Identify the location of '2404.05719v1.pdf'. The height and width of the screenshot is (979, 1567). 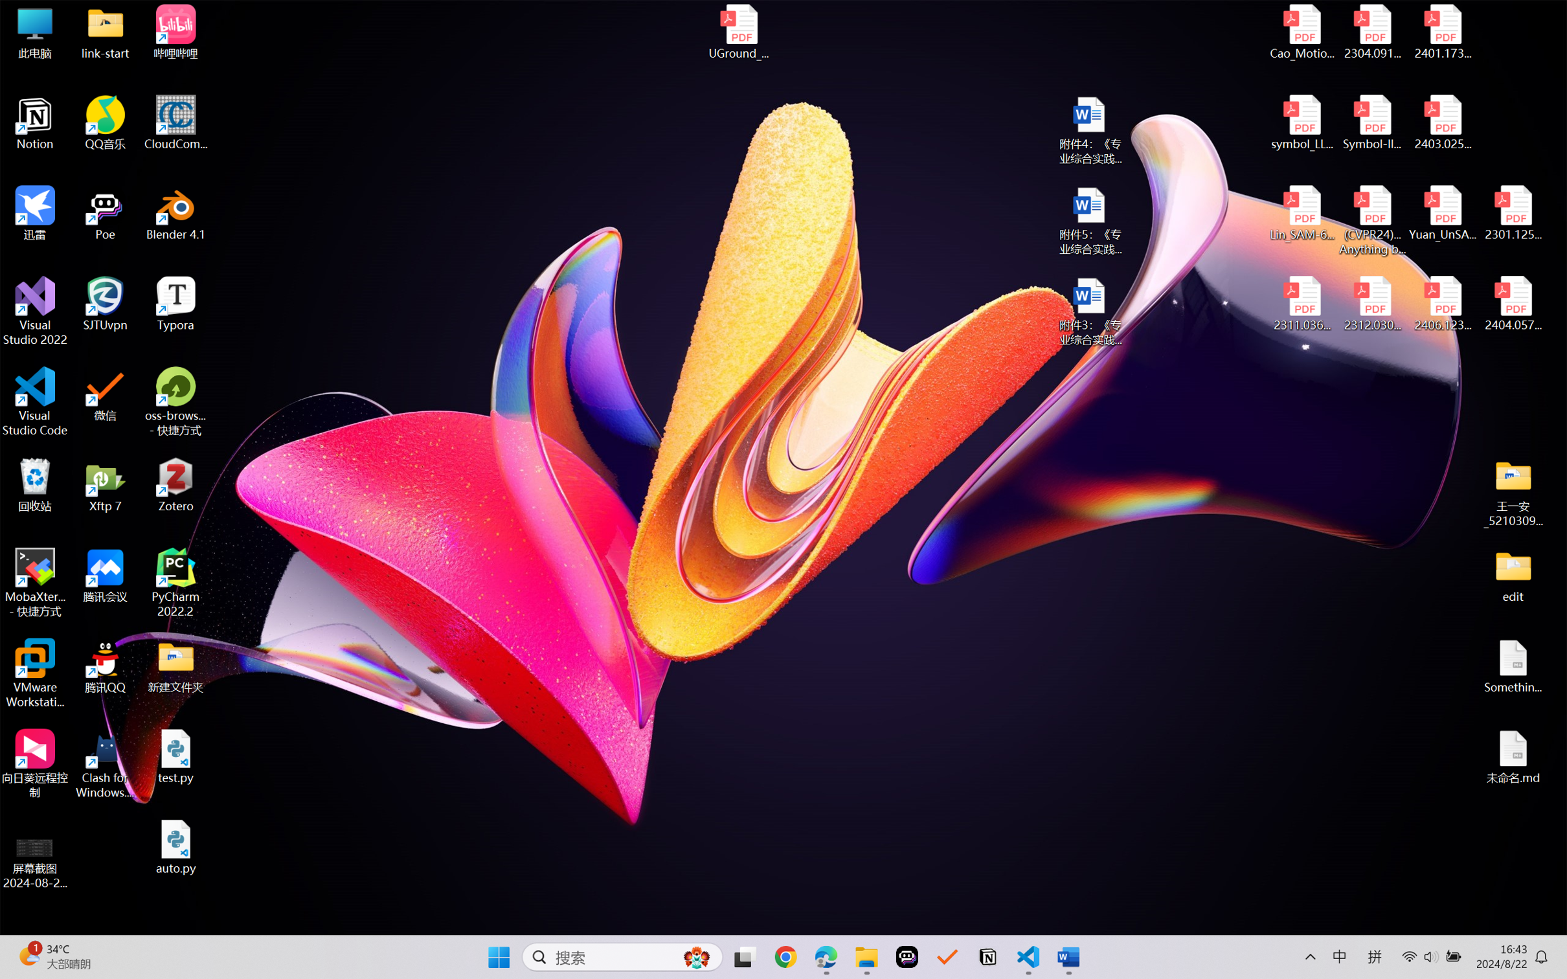
(1512, 304).